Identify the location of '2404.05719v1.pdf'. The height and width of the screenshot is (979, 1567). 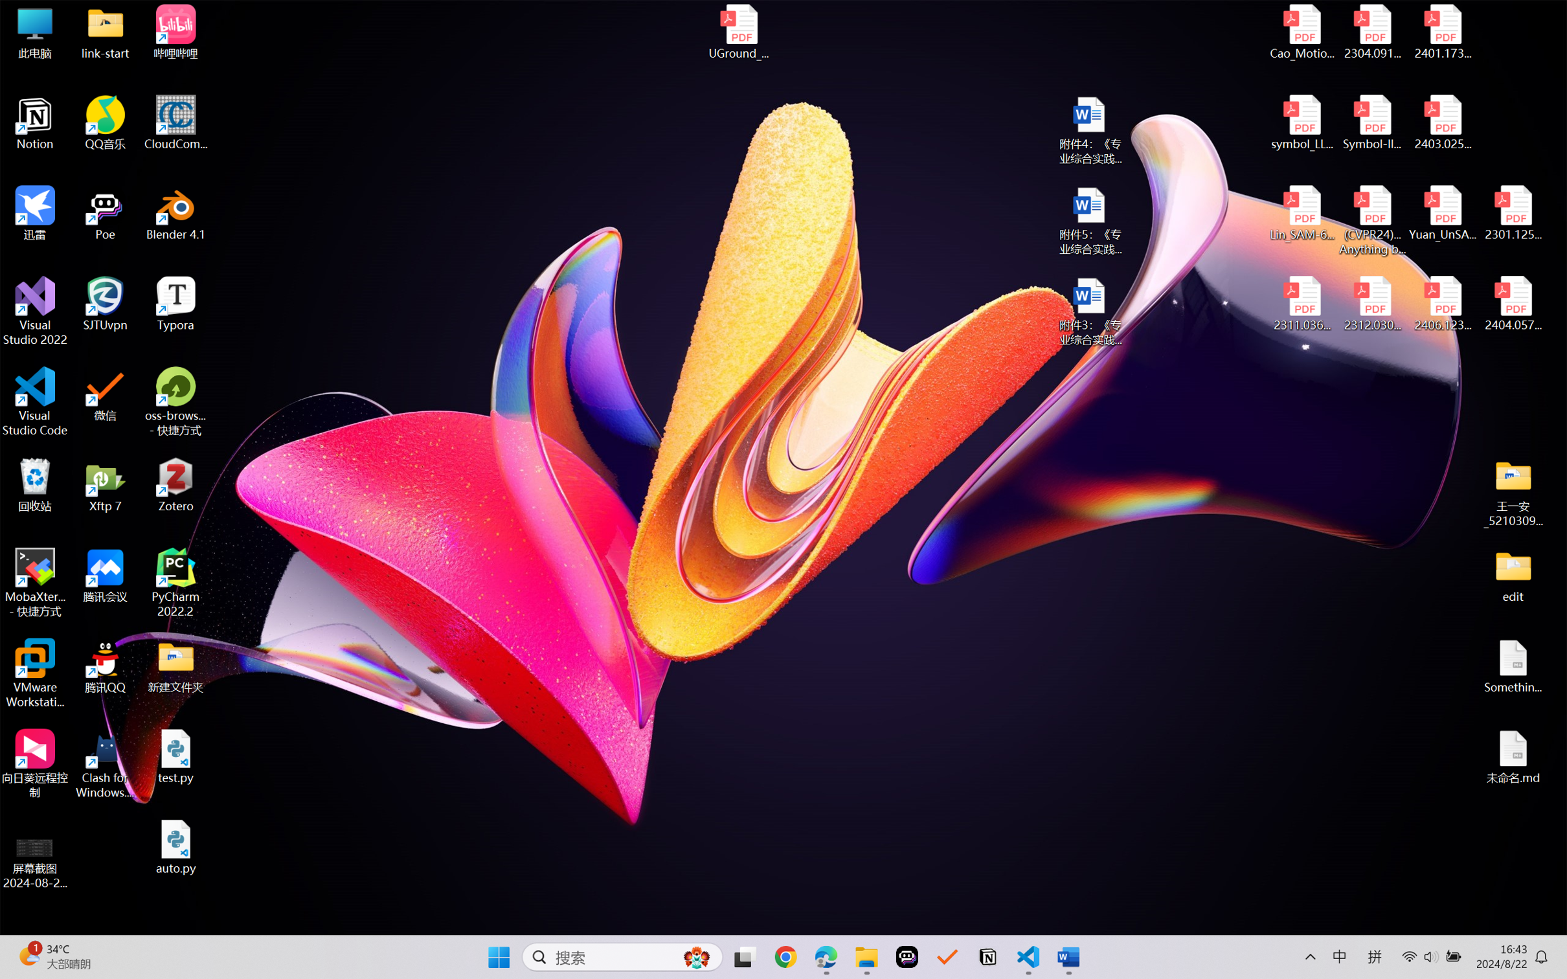
(1512, 304).